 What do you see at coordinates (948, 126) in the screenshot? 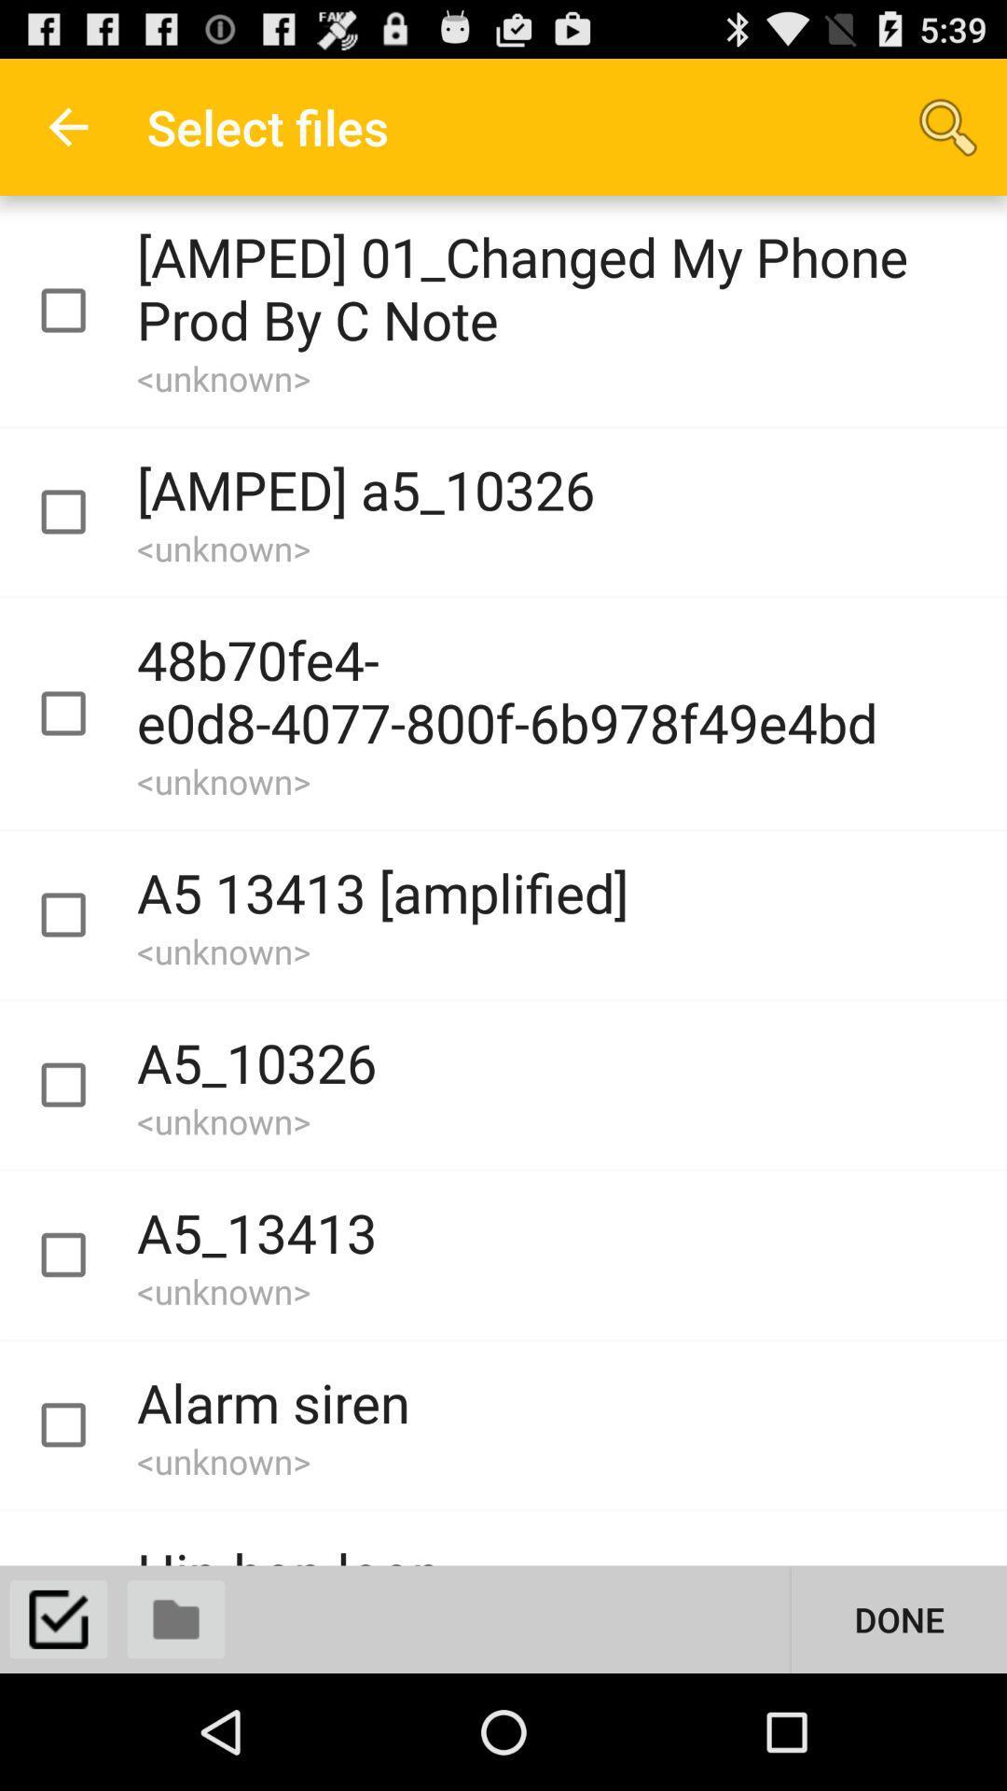
I see `item next to the select files` at bounding box center [948, 126].